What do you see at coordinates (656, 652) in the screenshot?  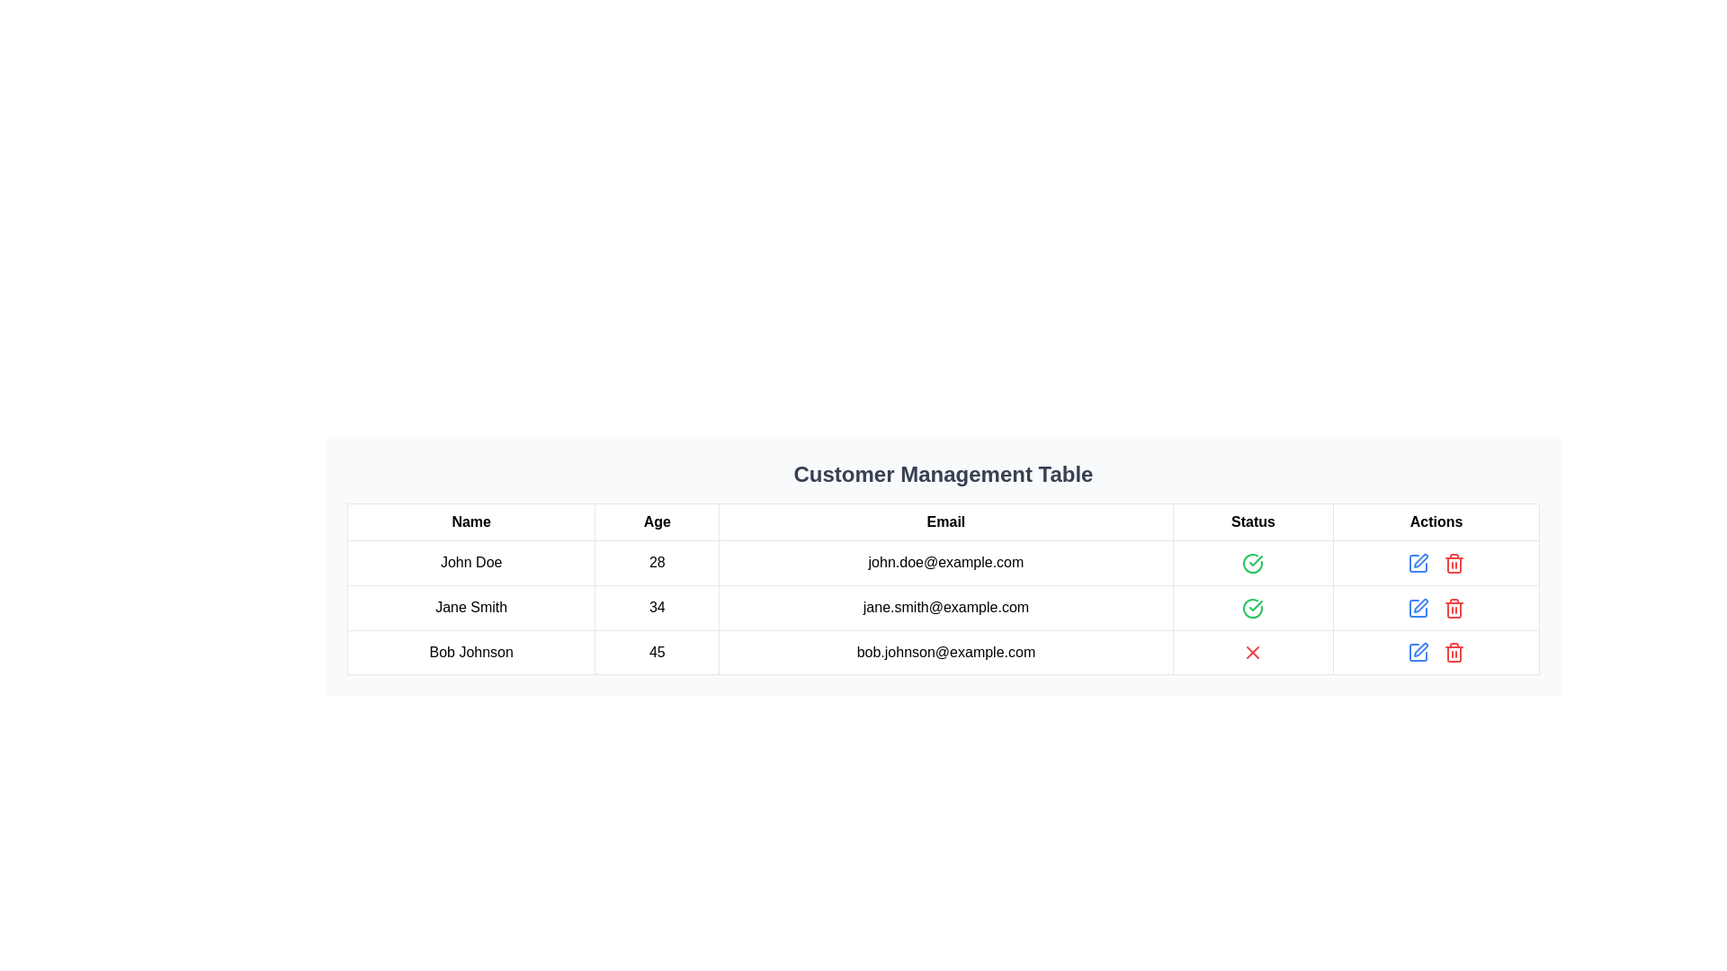 I see `the table cell displaying the age of the user 'Bob Johnson', located in the second column of the last row of the table under the 'Age' column` at bounding box center [656, 652].